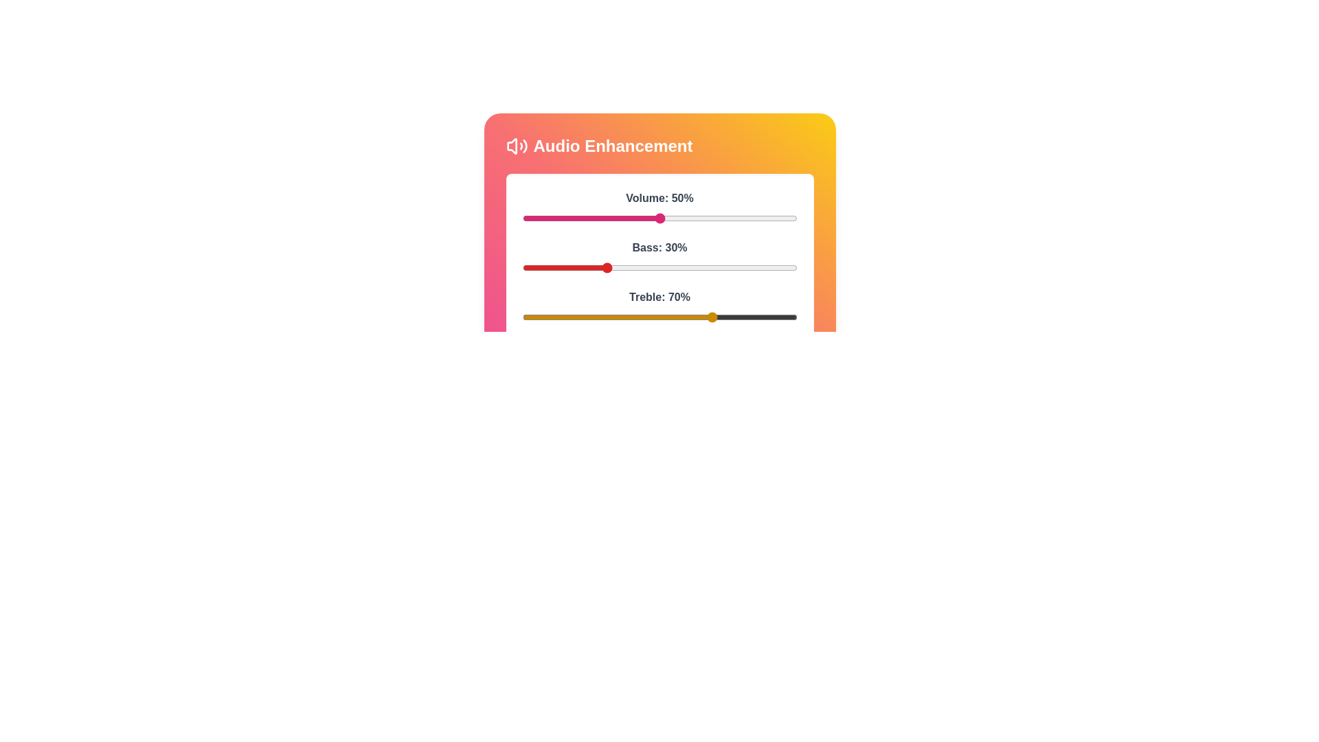 This screenshot has height=742, width=1319. I want to click on the bass level, so click(794, 267).